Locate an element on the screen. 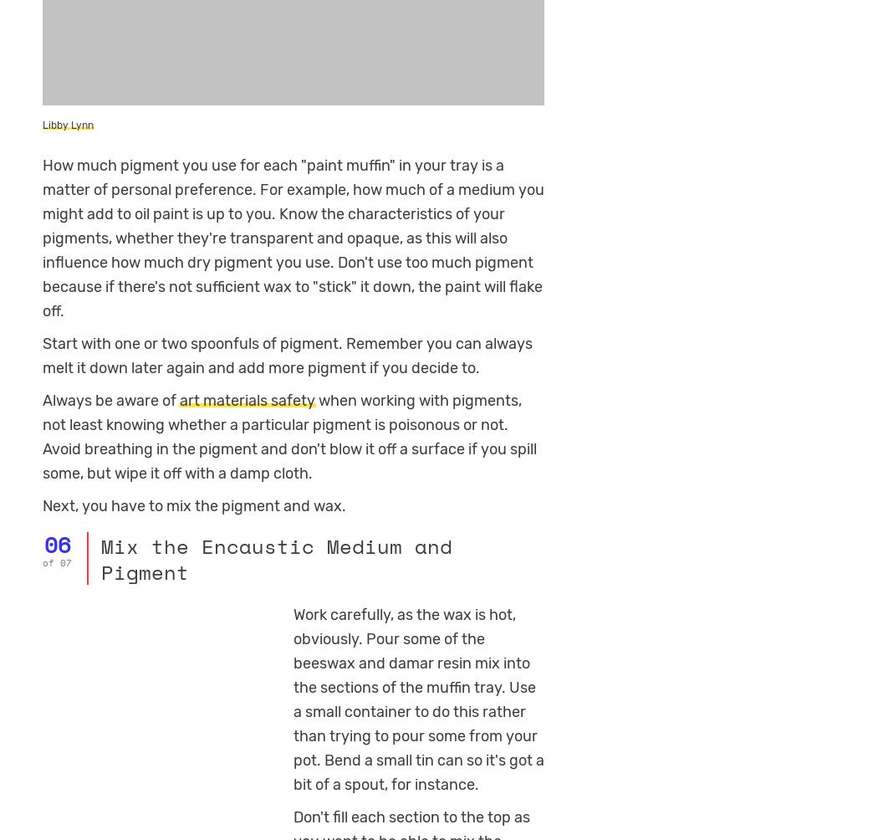 The width and height of the screenshot is (878, 840). 'Libby Lynn' is located at coordinates (68, 124).